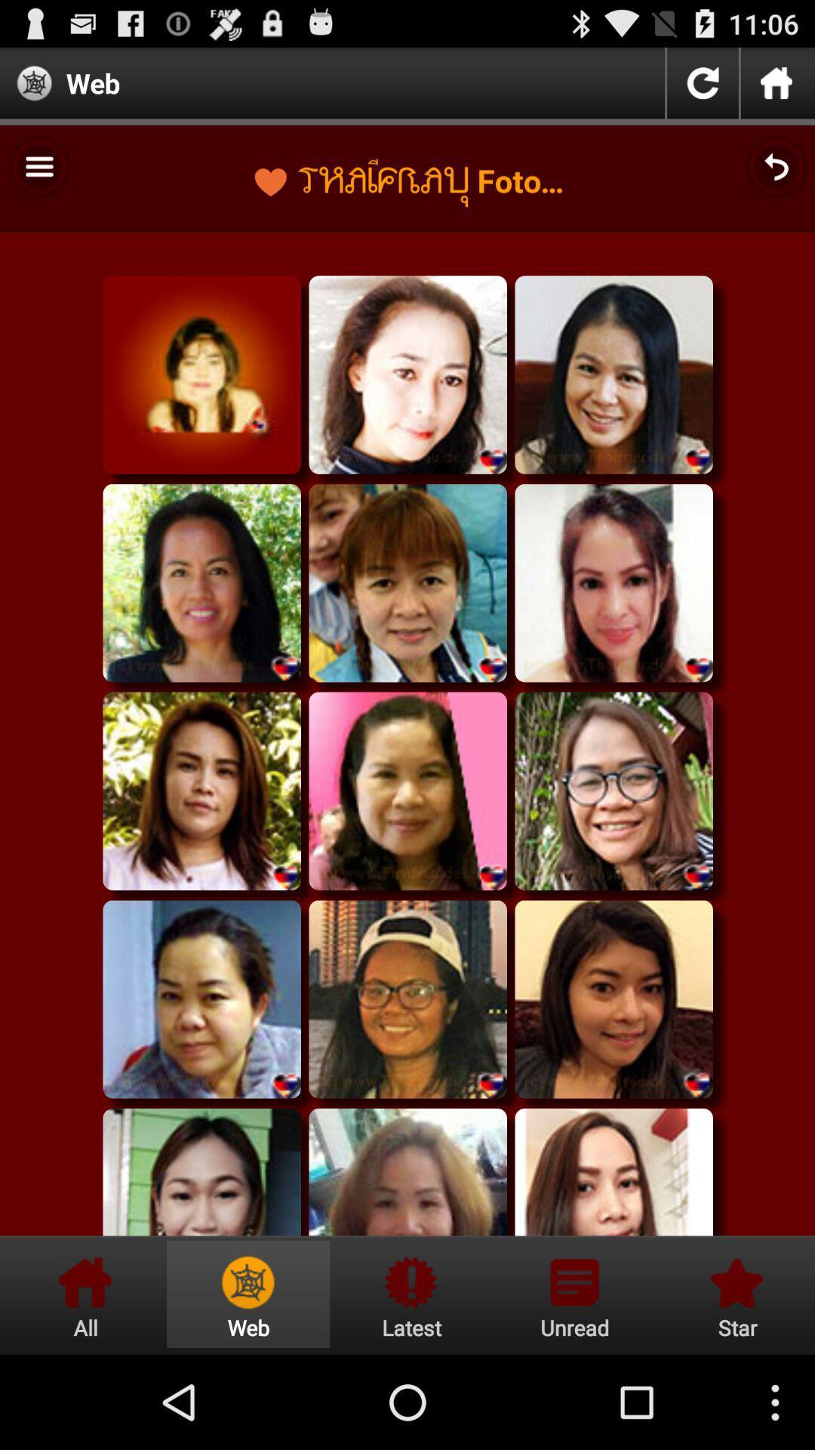 Image resolution: width=815 pixels, height=1450 pixels. What do you see at coordinates (703, 82) in the screenshot?
I see `refresh` at bounding box center [703, 82].